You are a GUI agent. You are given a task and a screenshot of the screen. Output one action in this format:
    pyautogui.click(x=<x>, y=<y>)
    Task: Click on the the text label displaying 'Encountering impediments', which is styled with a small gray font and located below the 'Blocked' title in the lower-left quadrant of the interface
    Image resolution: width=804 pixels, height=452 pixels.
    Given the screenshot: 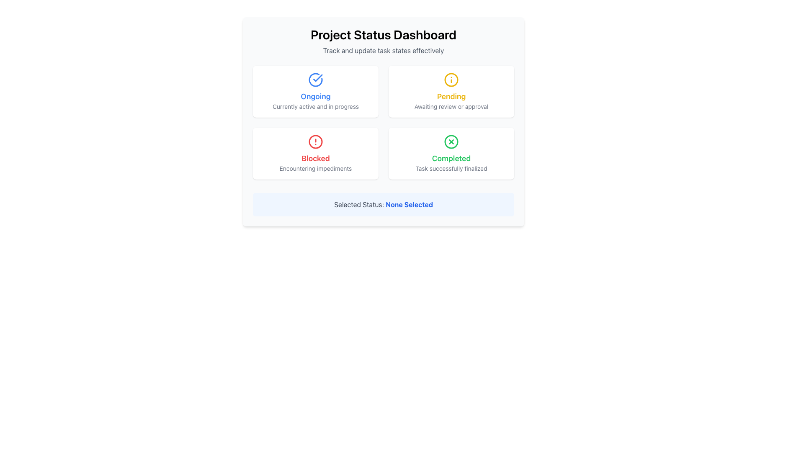 What is the action you would take?
    pyautogui.click(x=315, y=168)
    